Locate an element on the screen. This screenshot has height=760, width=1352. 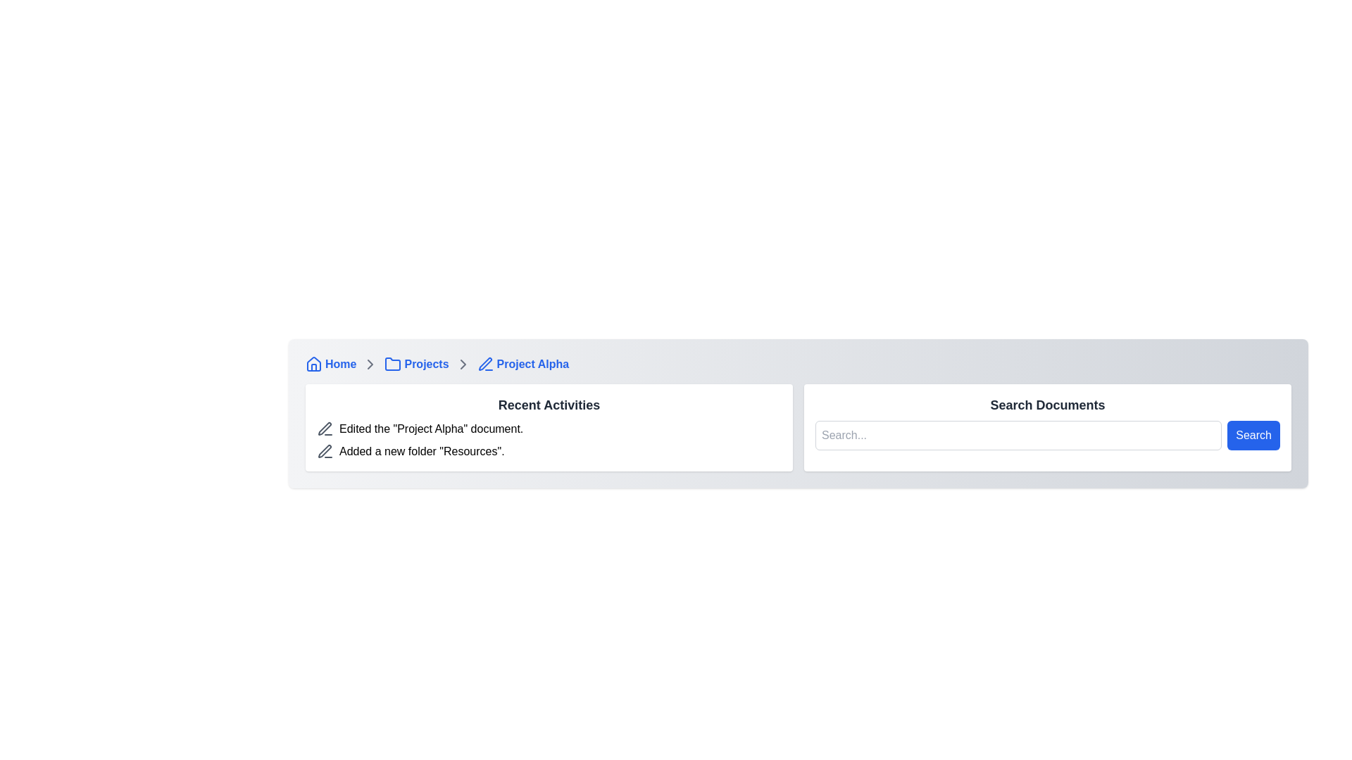
the 'Projects' breadcrumb link in the navigation bar is located at coordinates (425, 363).